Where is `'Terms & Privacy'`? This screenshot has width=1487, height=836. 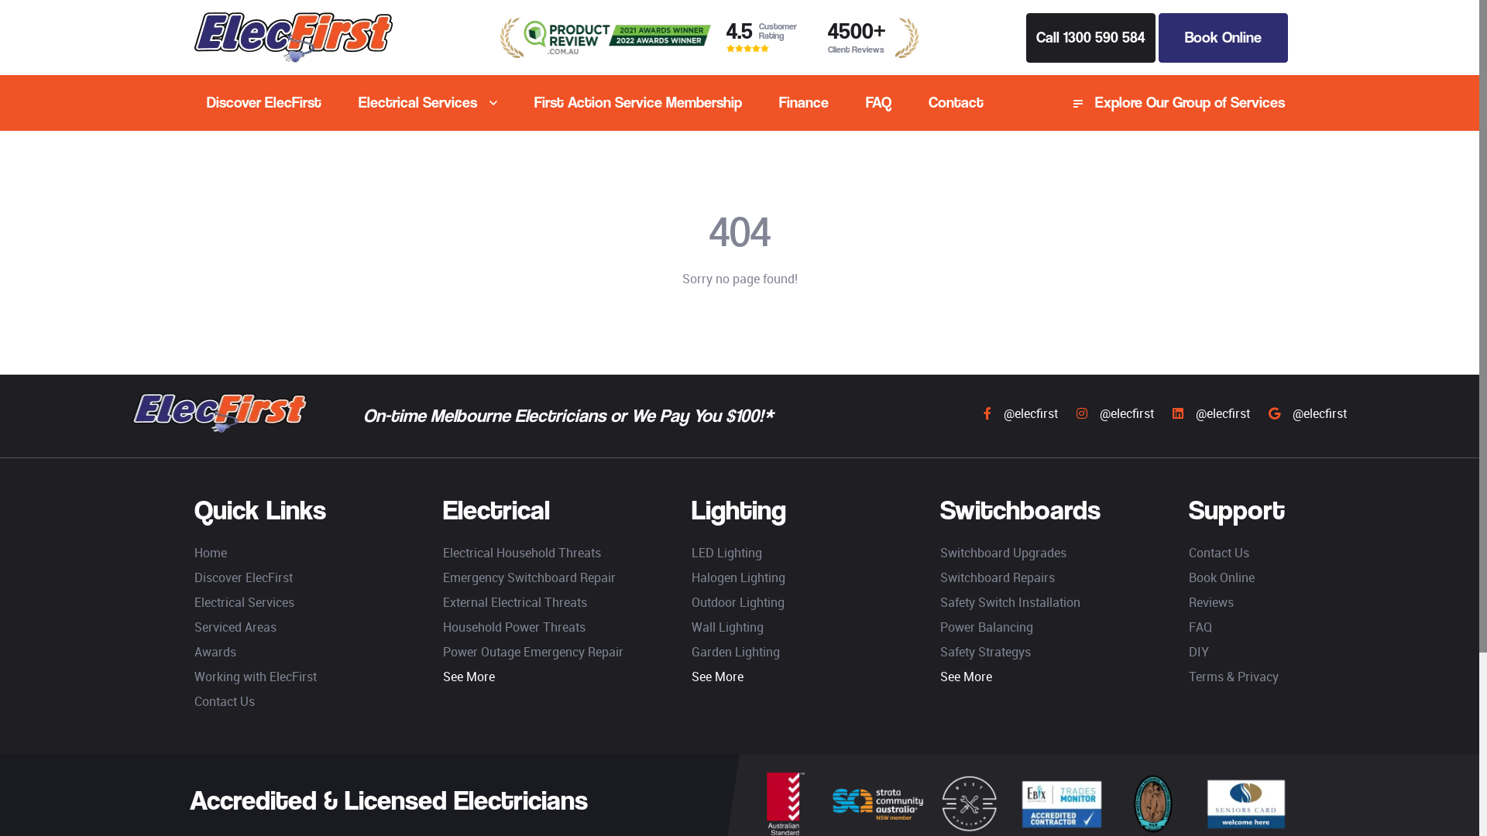
'Terms & Privacy' is located at coordinates (1233, 676).